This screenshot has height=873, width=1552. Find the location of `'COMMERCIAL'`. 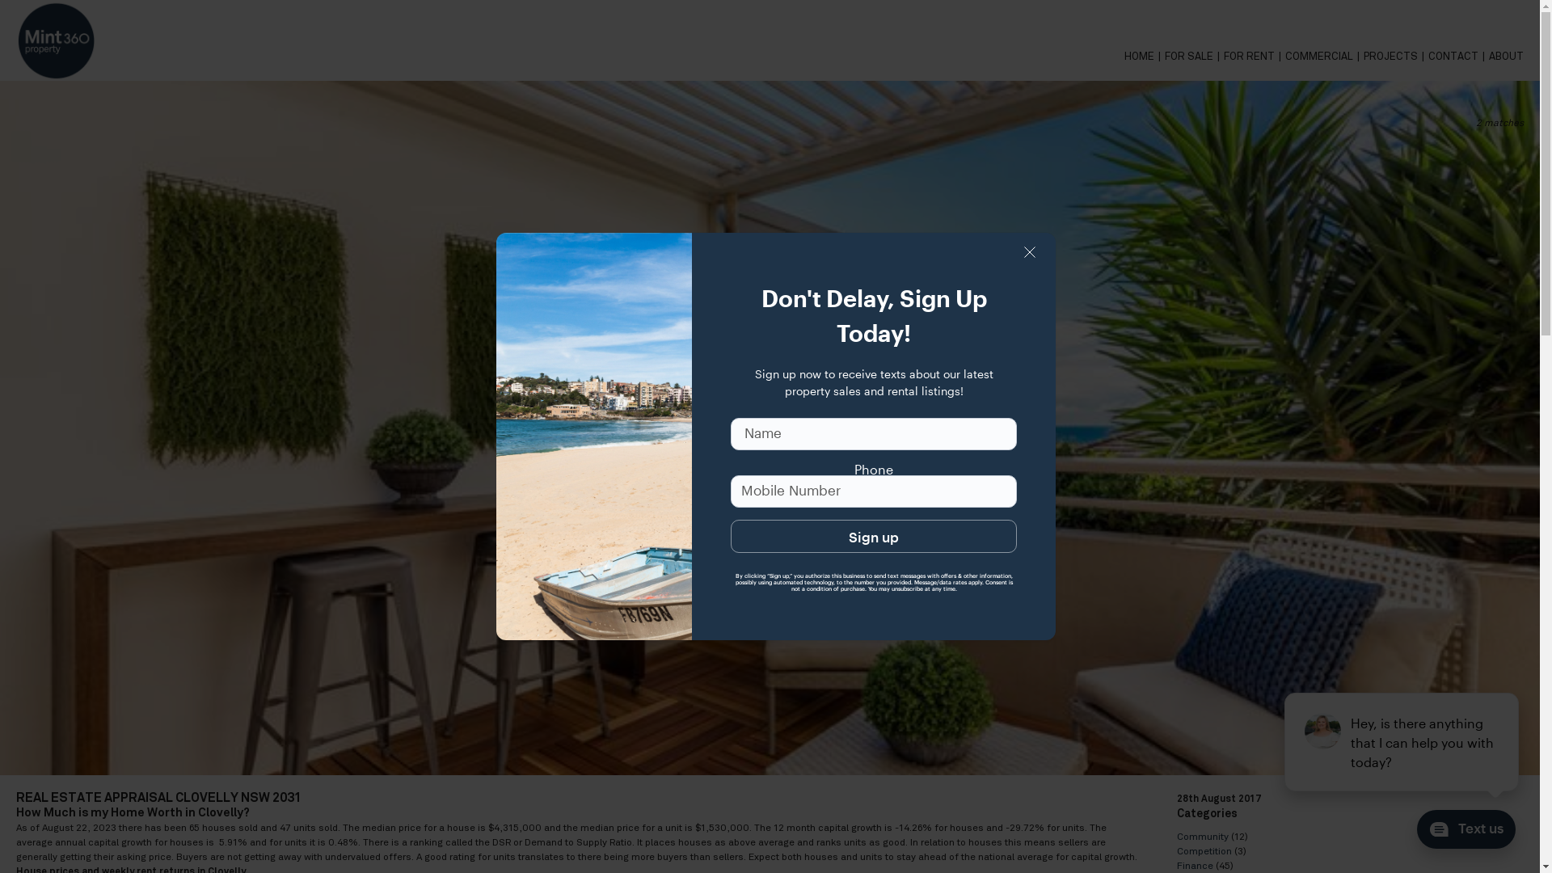

'COMMERCIAL' is located at coordinates (1284, 55).